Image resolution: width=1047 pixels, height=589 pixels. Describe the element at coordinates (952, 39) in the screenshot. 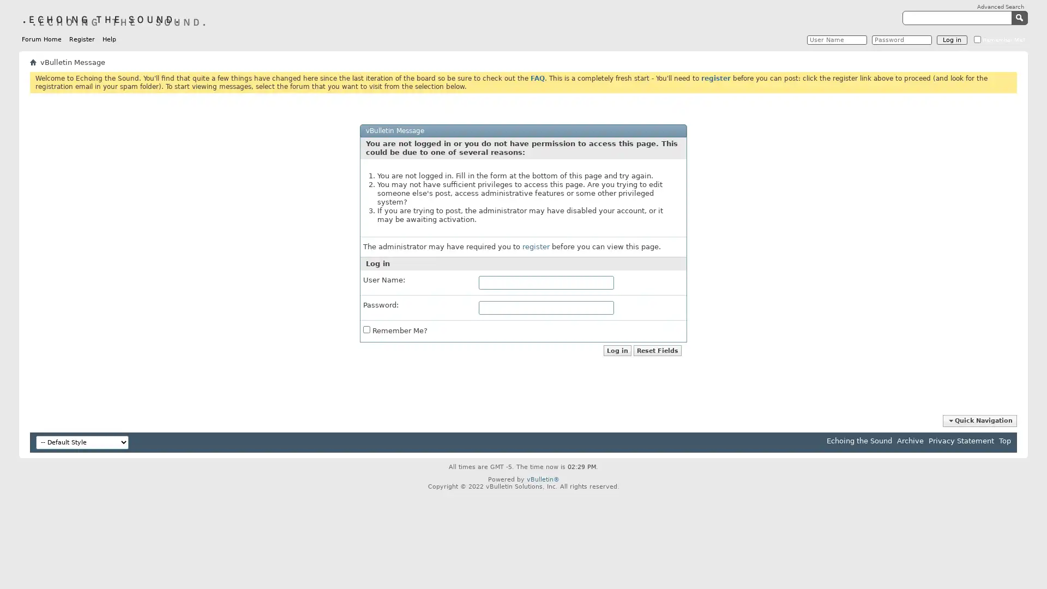

I see `Log in` at that location.